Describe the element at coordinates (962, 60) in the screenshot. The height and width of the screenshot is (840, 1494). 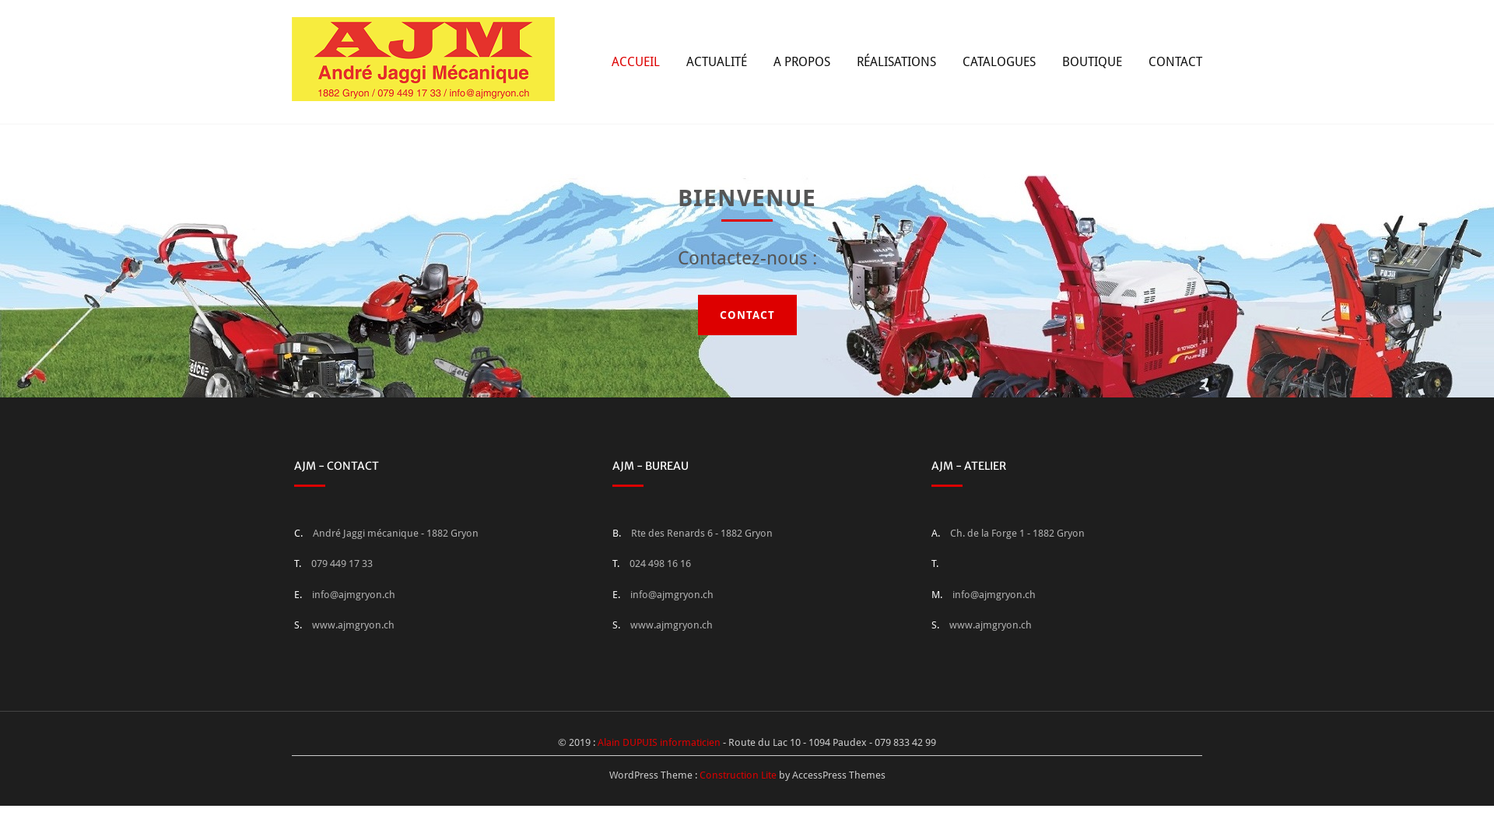
I see `'CATALOGUES'` at that location.